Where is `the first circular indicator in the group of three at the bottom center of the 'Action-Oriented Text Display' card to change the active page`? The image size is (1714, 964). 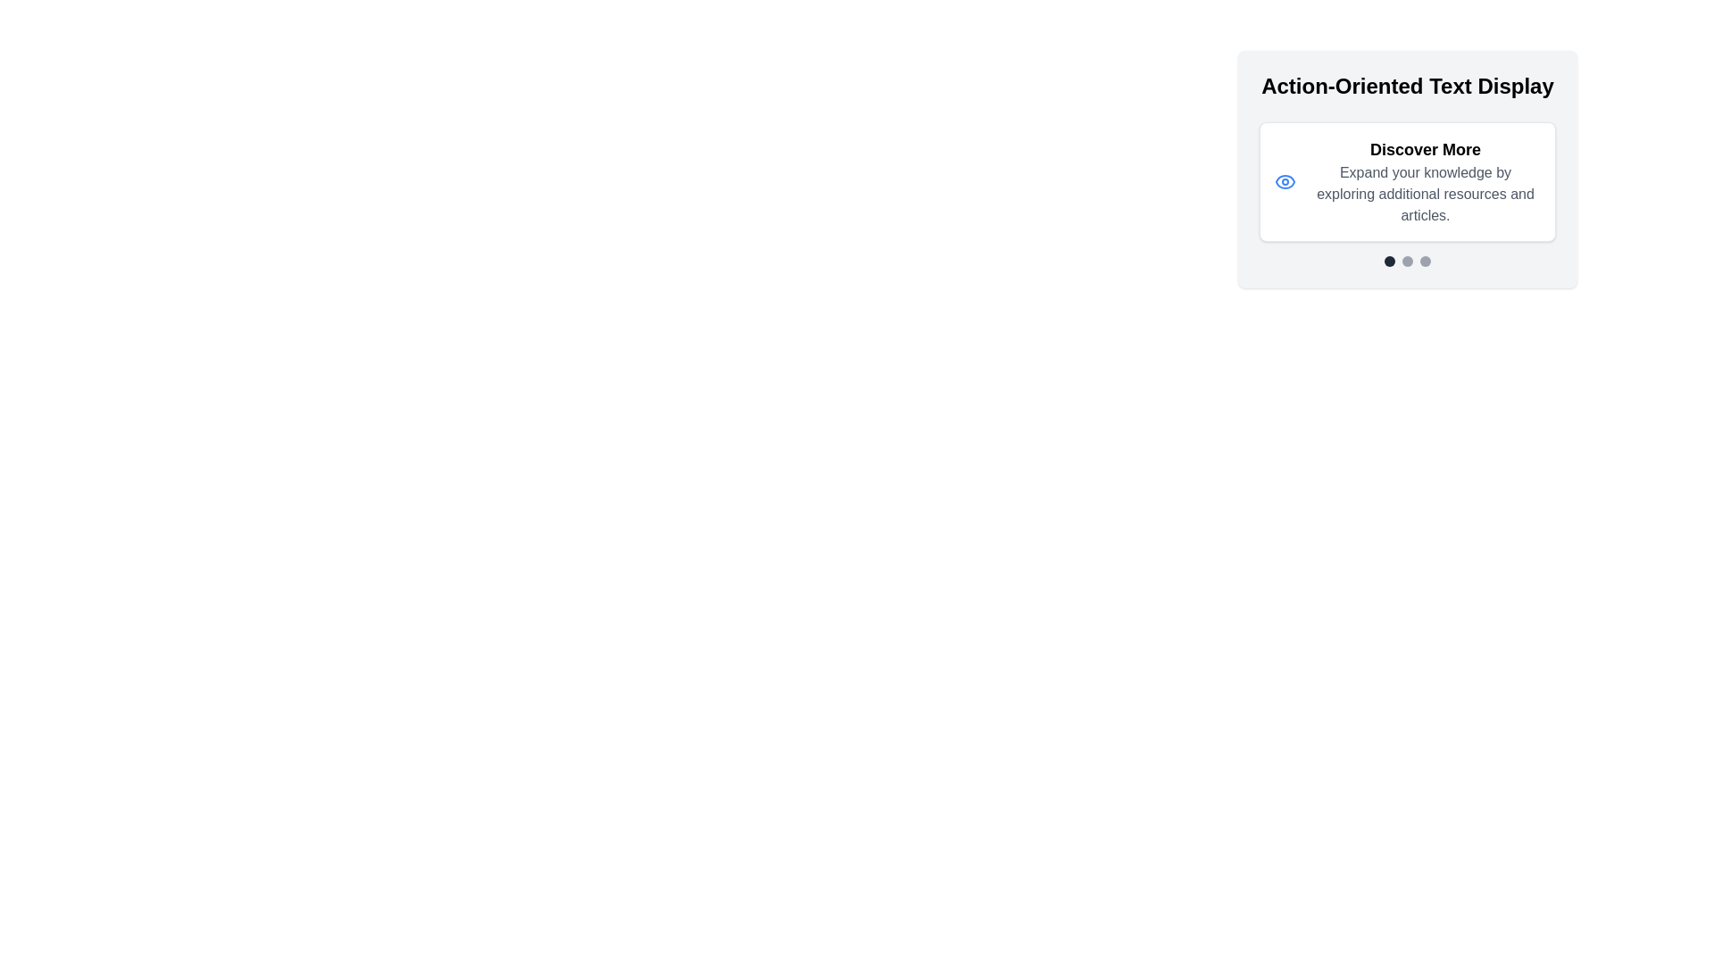 the first circular indicator in the group of three at the bottom center of the 'Action-Oriented Text Display' card to change the active page is located at coordinates (1388, 262).